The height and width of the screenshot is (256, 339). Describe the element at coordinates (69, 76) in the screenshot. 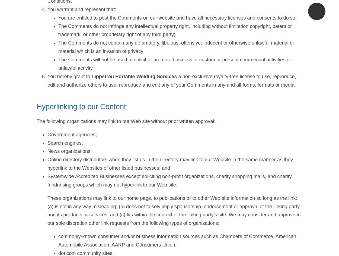

I see `'You hereby grant to'` at that location.